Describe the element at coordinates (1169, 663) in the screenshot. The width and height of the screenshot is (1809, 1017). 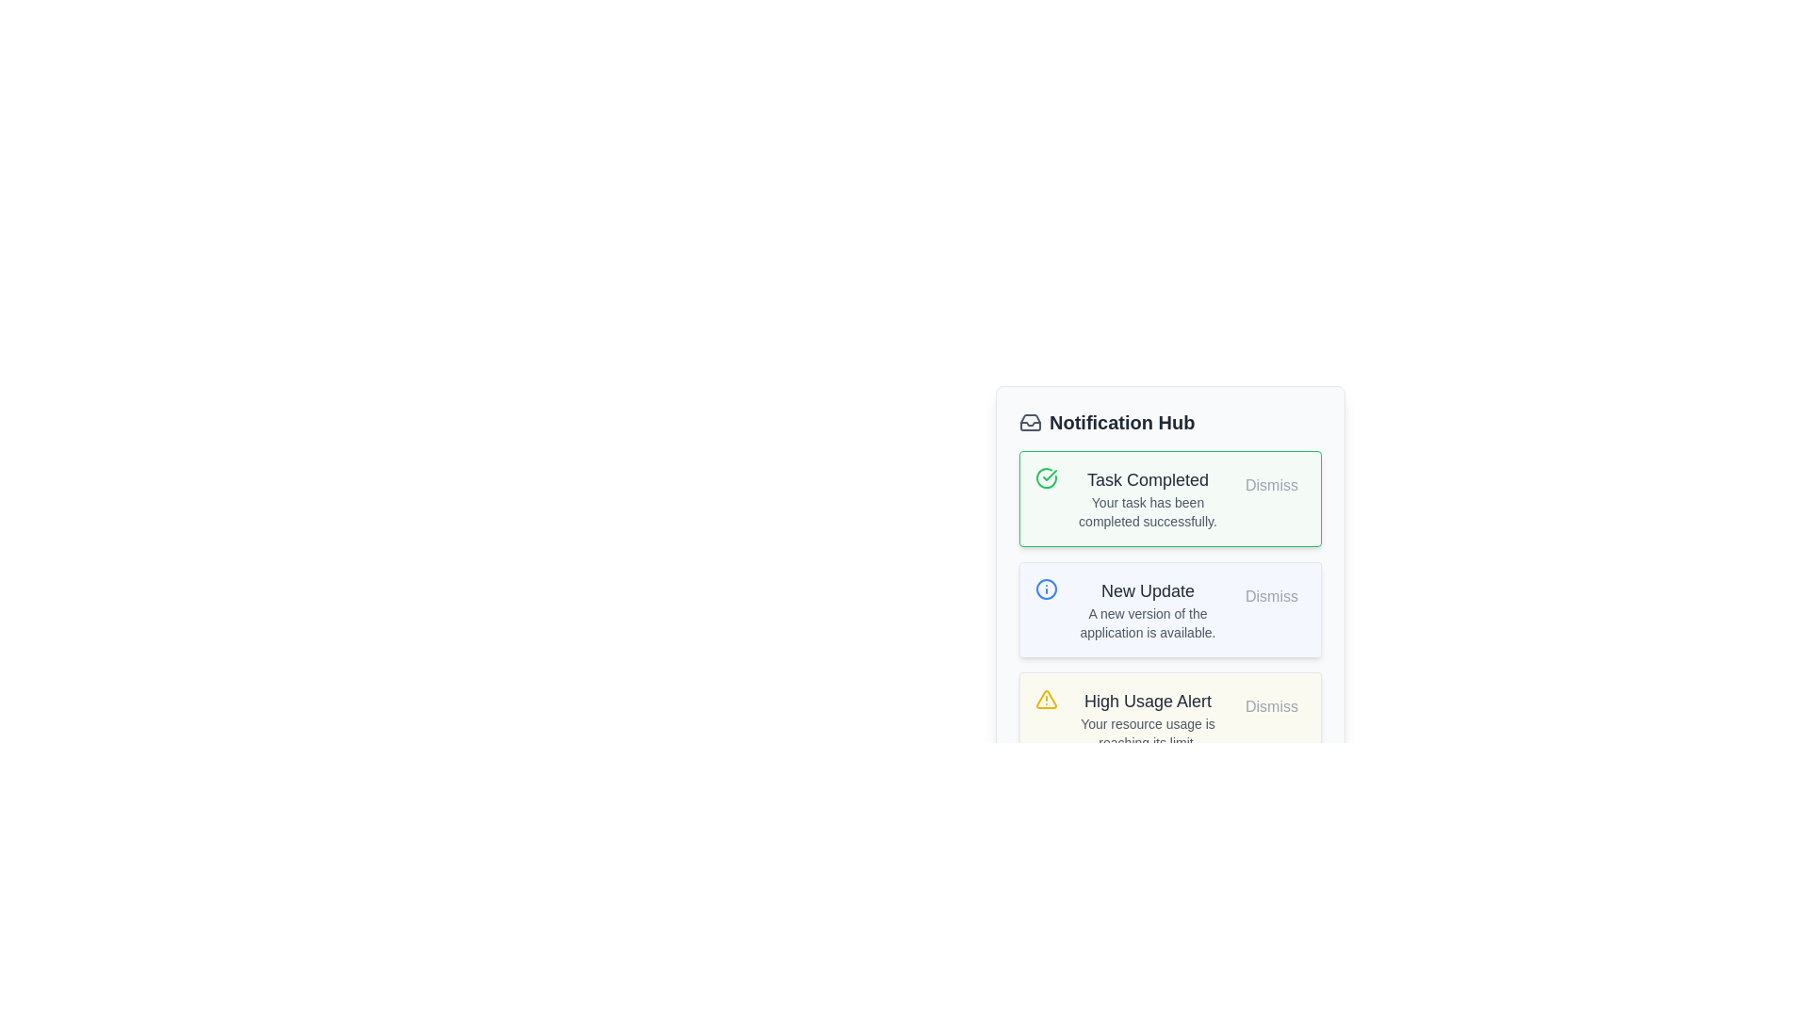
I see `notifications in the Notification card located in the Notification Hub, specifically the third item in the list of notifications, which contains various notifications with dismiss buttons` at that location.